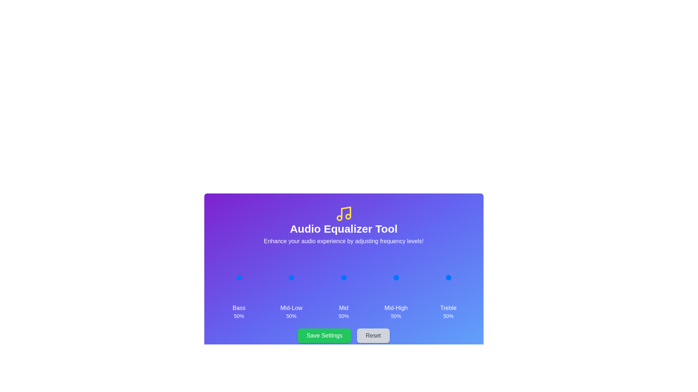  I want to click on the 2 slider to 62%, so click(346, 277).